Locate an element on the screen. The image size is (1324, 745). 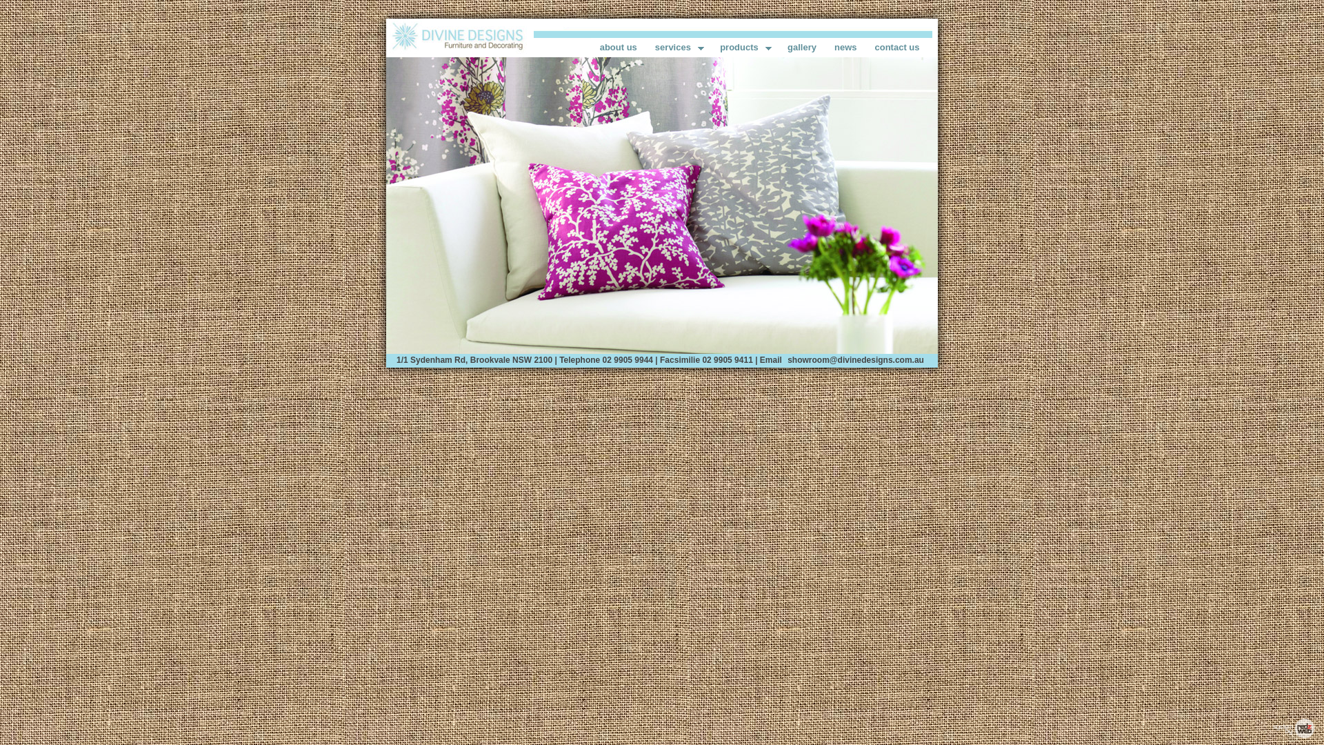
'about us' is located at coordinates (618, 46).